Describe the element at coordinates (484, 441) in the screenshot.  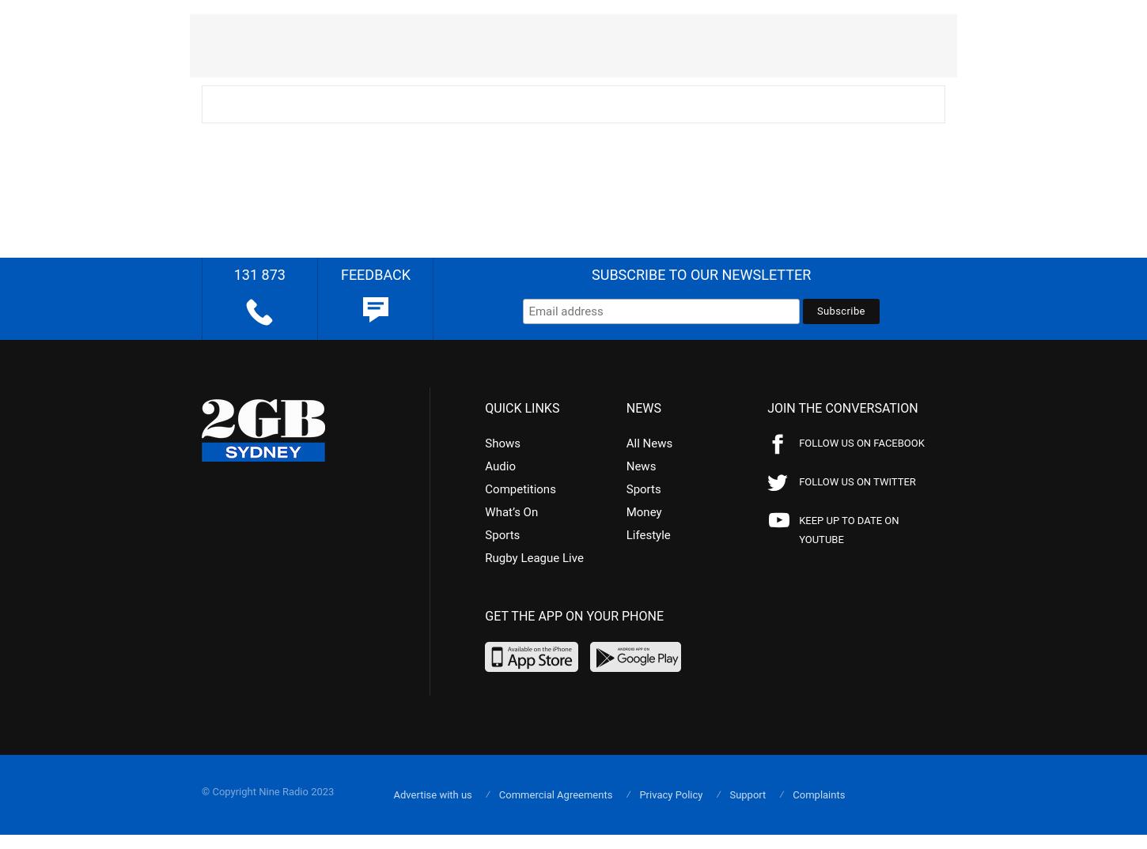
I see `'Shows'` at that location.